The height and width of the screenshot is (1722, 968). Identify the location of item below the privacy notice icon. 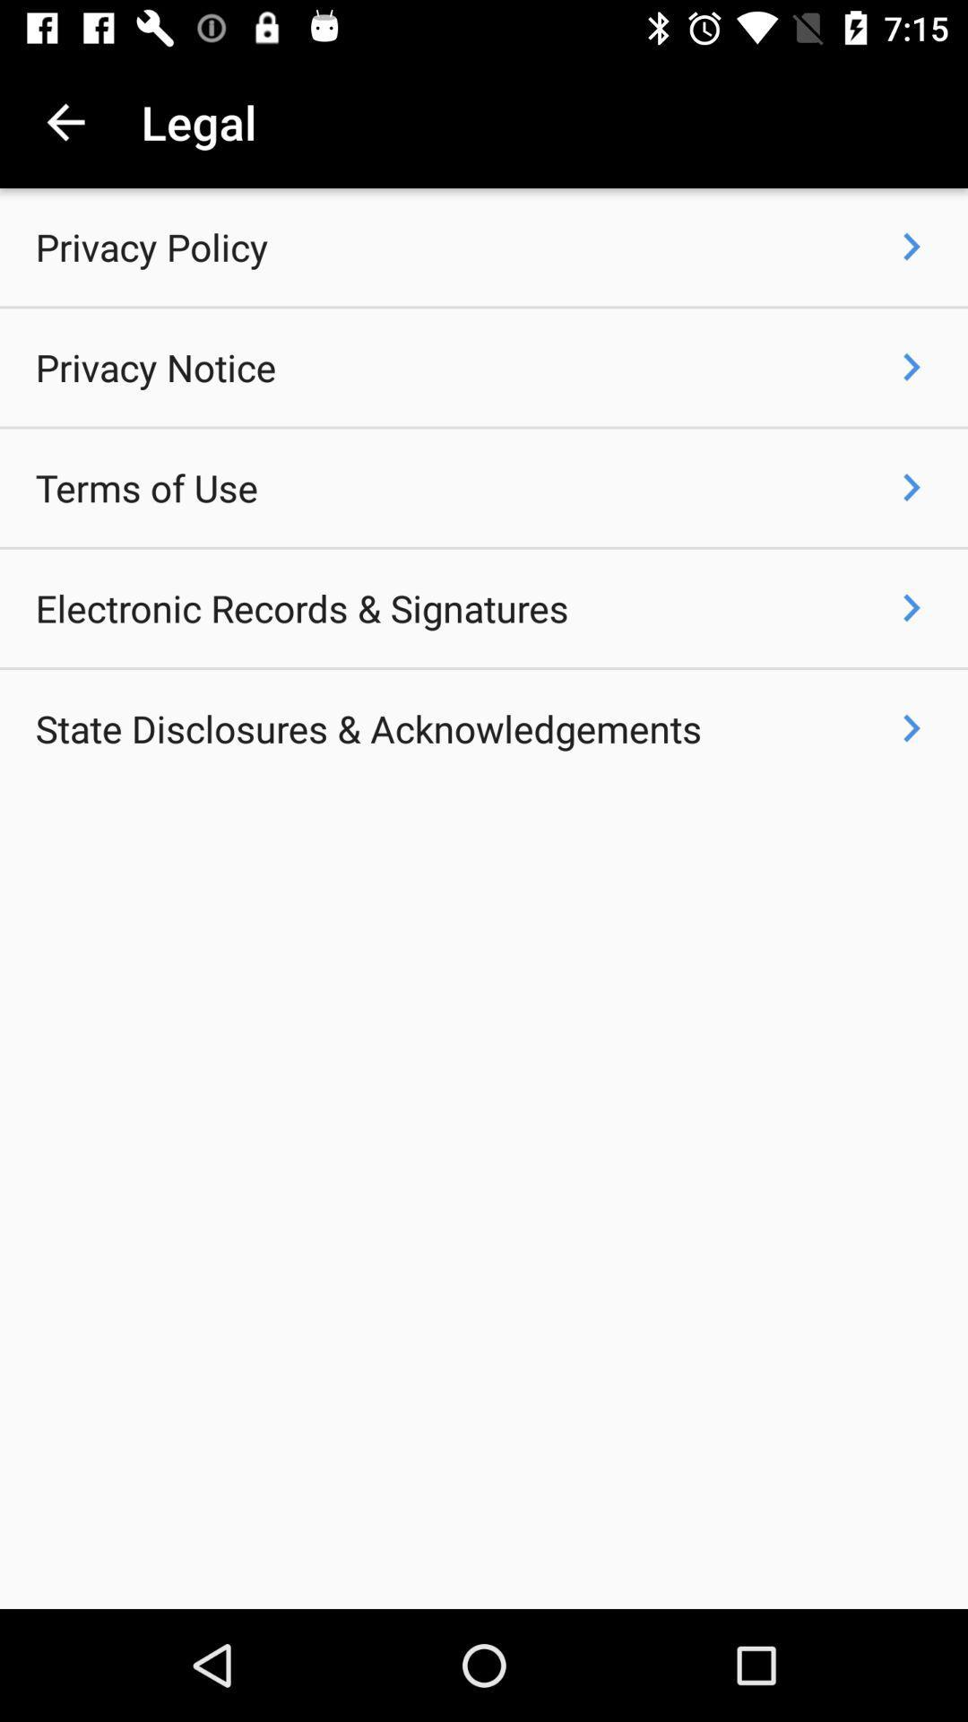
(145, 488).